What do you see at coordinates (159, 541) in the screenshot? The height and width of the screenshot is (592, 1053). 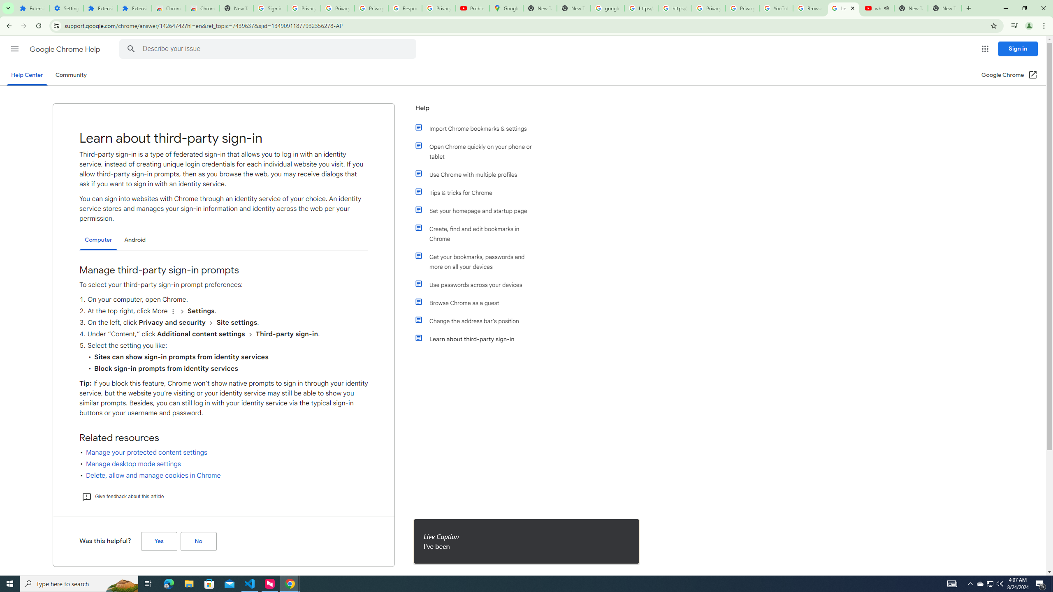 I see `'Yes (Was this helpful?)'` at bounding box center [159, 541].